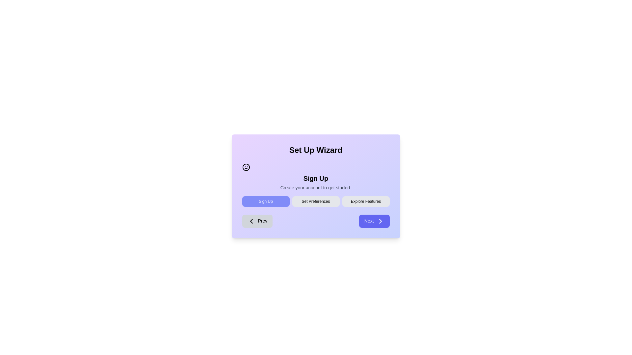 The width and height of the screenshot is (632, 355). What do you see at coordinates (257, 221) in the screenshot?
I see `the 'Previous' button located at the bottom-left of the button group in the navigation interface` at bounding box center [257, 221].